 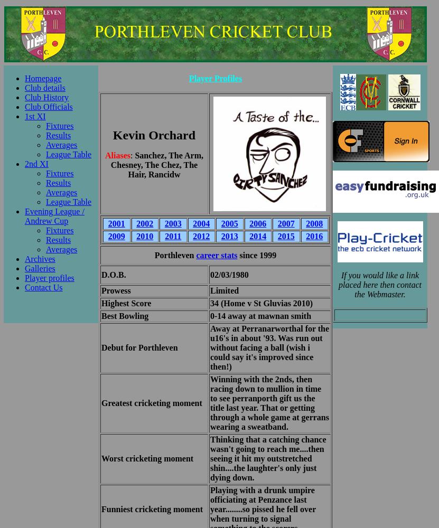 I want to click on '2005', so click(x=229, y=223).